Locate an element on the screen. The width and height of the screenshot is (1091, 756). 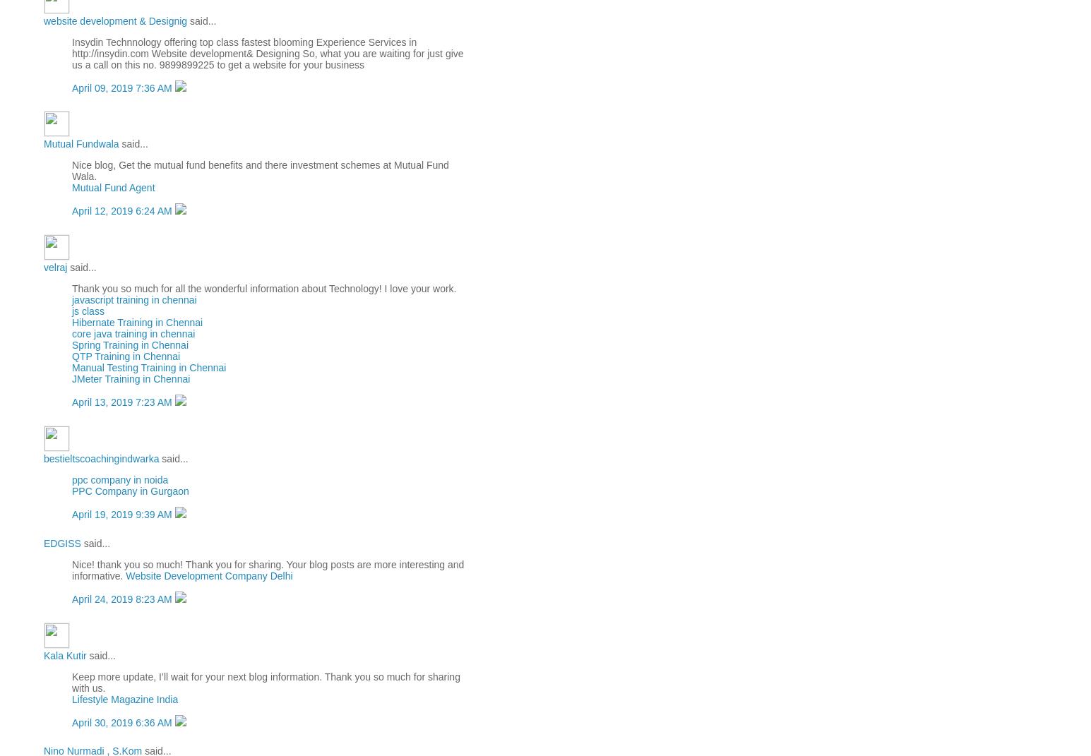
'Mutual Fund Agent' is located at coordinates (113, 188).